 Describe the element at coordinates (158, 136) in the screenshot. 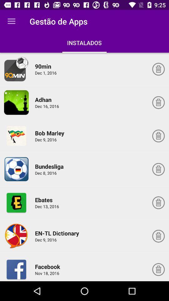

I see `discard the app` at that location.